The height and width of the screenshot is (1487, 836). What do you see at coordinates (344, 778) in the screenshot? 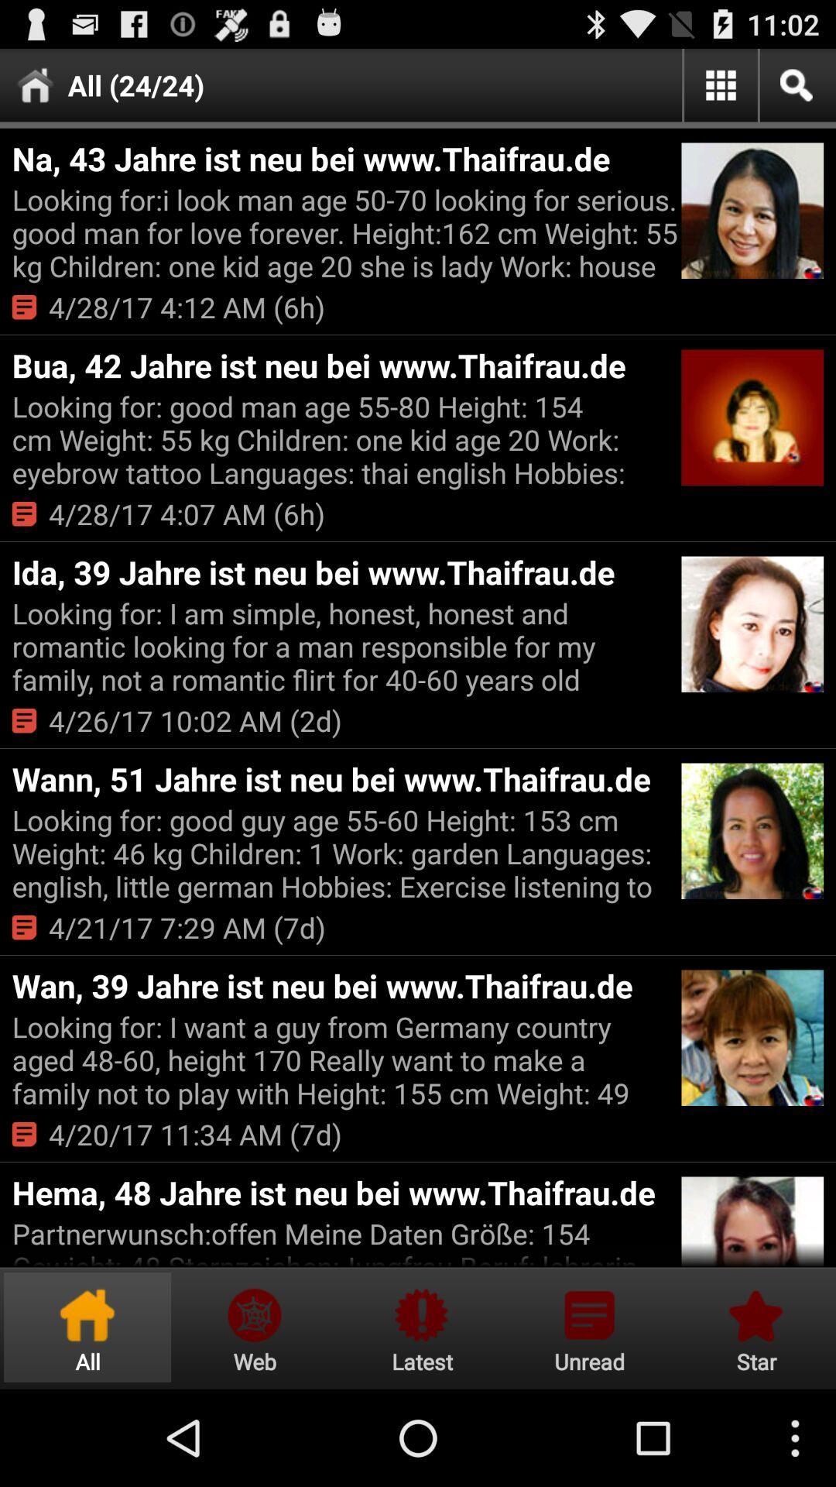
I see `the wann 51 jahre item` at bounding box center [344, 778].